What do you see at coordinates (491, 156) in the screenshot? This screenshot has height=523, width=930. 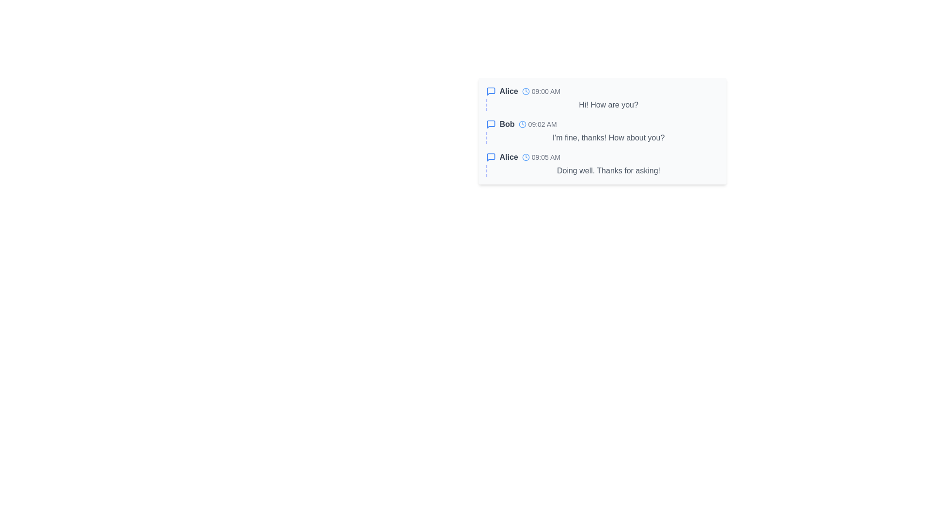 I see `the vector graphic component representing a speech bubble icon next to Alice's message at 09:05 AM in the chat interface` at bounding box center [491, 156].